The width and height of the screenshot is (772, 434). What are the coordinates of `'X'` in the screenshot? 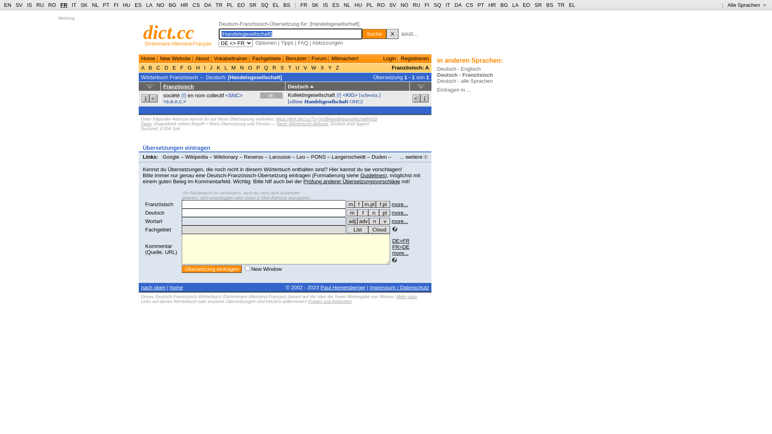 It's located at (386, 33).